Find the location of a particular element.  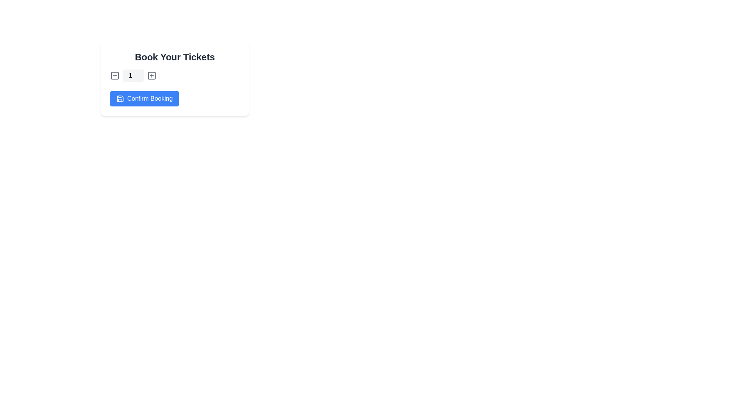

the leading icon on the left of the text within the 'Confirm Booking' button to confirm the booking is located at coordinates (120, 98).